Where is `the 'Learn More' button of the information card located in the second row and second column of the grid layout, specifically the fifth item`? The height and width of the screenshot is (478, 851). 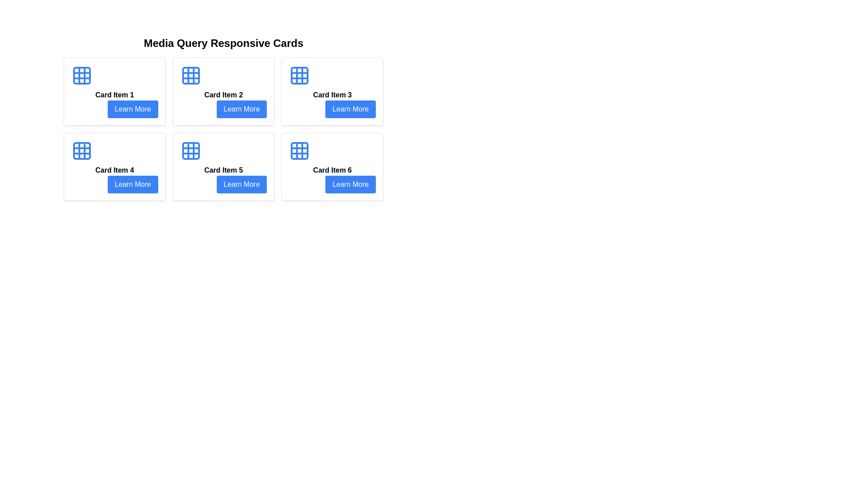 the 'Learn More' button of the information card located in the second row and second column of the grid layout, specifically the fifth item is located at coordinates (223, 167).